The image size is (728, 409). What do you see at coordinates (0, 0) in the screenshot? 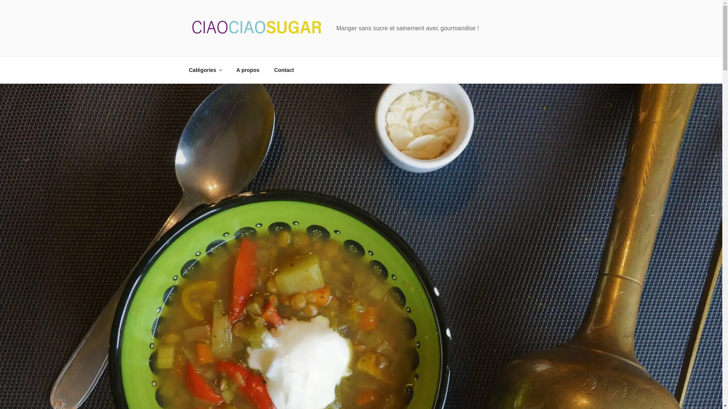
I see `'Aller au contenu principal'` at bounding box center [0, 0].